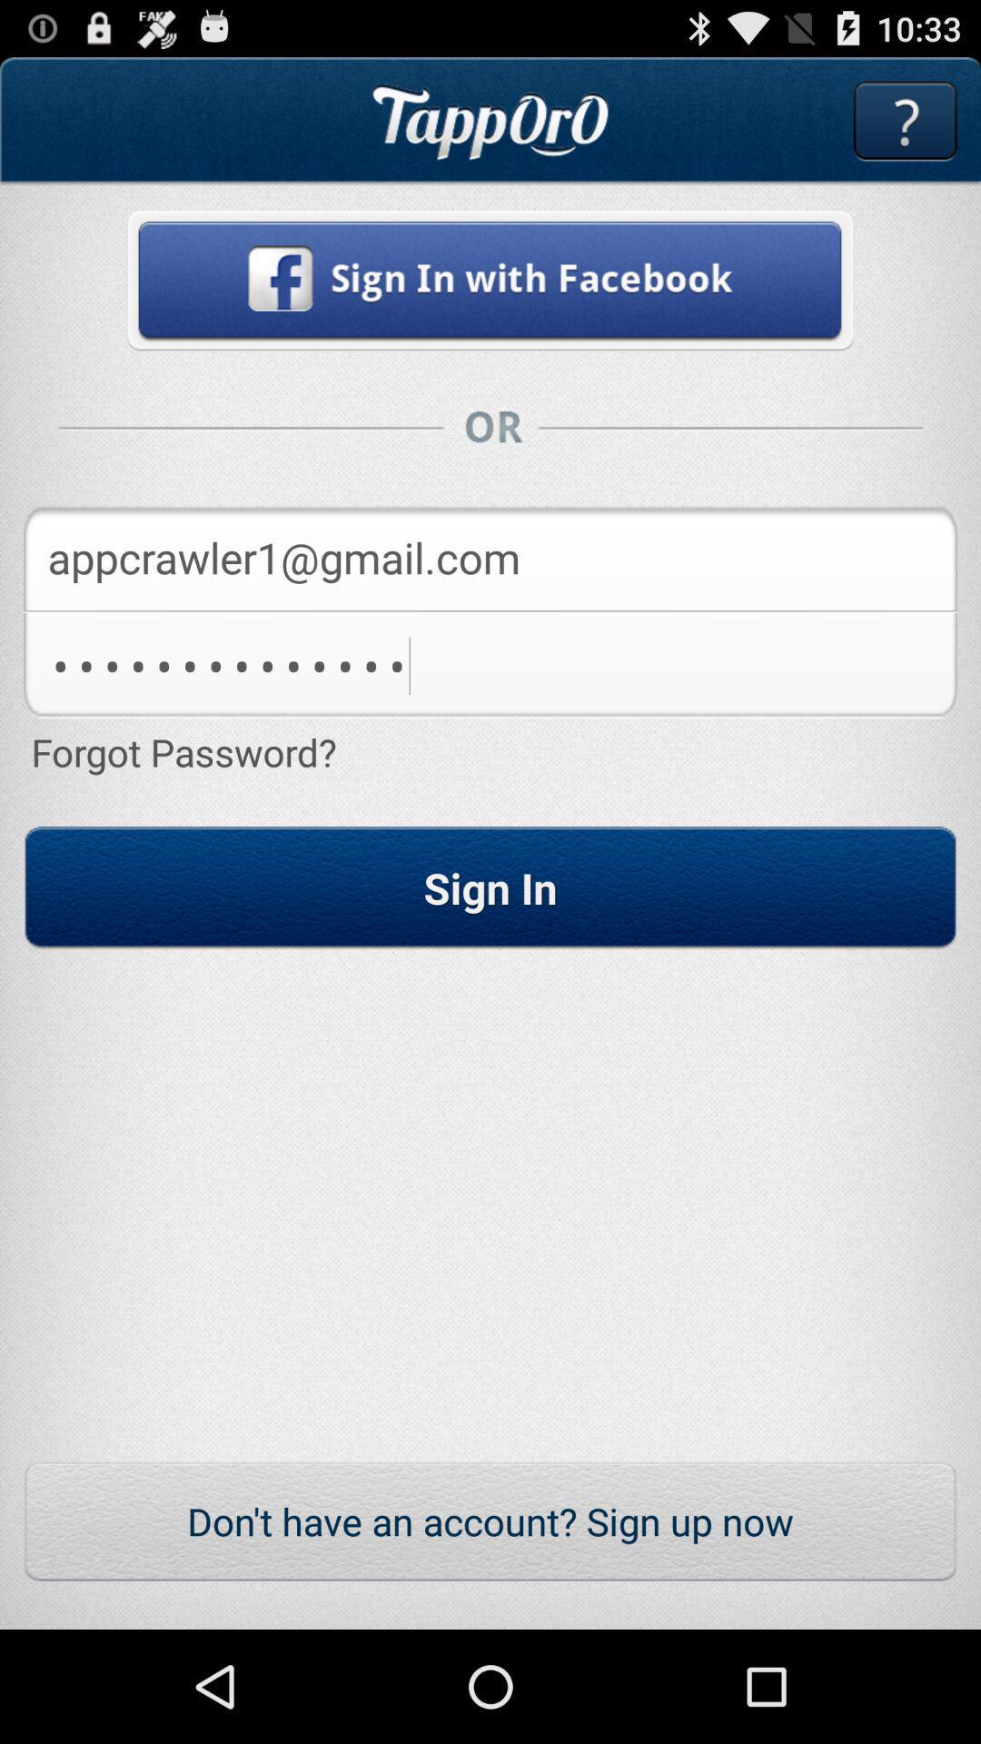  I want to click on help, so click(905, 120).